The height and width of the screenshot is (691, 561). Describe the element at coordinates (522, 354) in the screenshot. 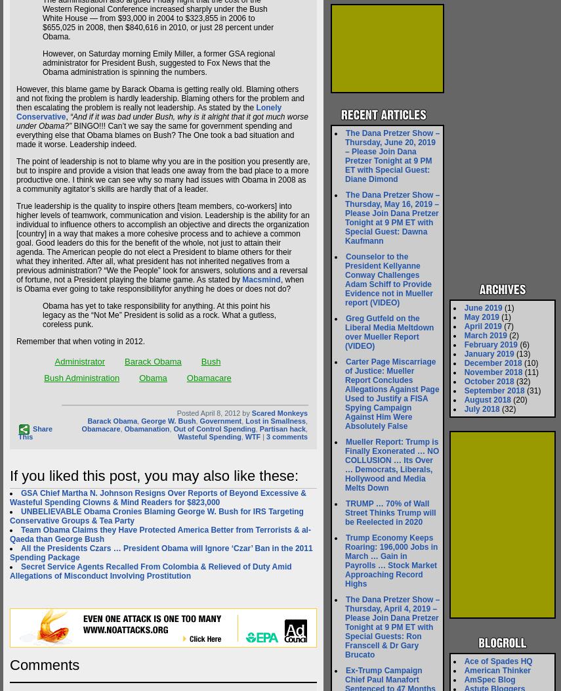

I see `'(13)'` at that location.